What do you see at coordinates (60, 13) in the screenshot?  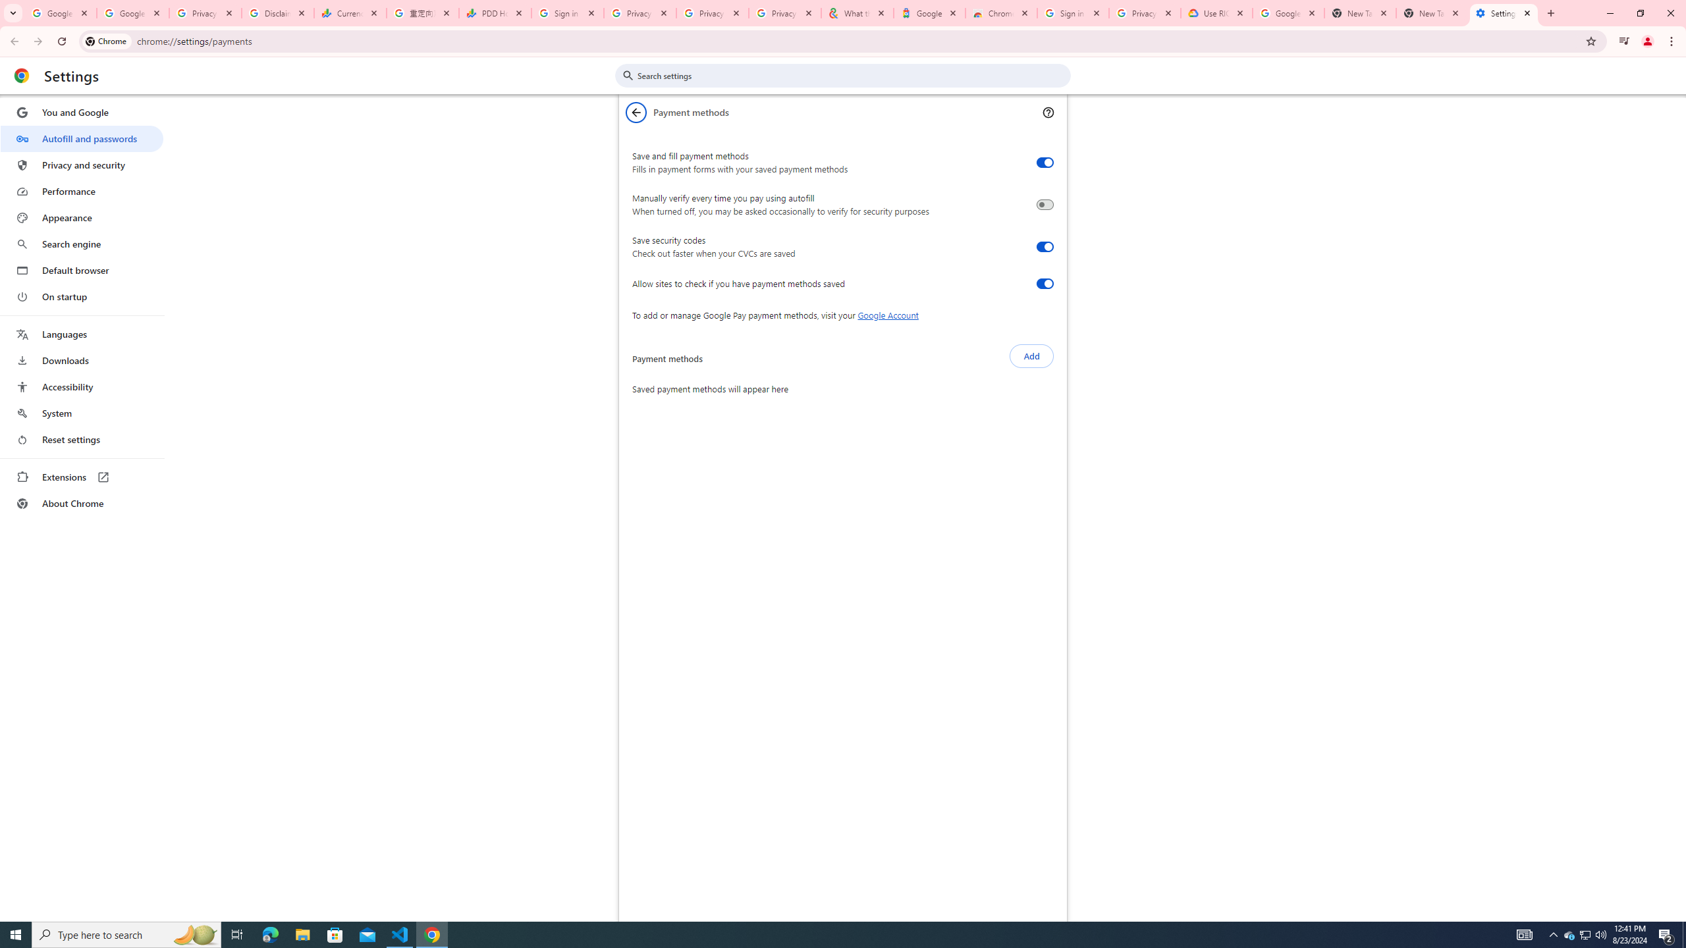 I see `'Google Workspace Admin Community'` at bounding box center [60, 13].